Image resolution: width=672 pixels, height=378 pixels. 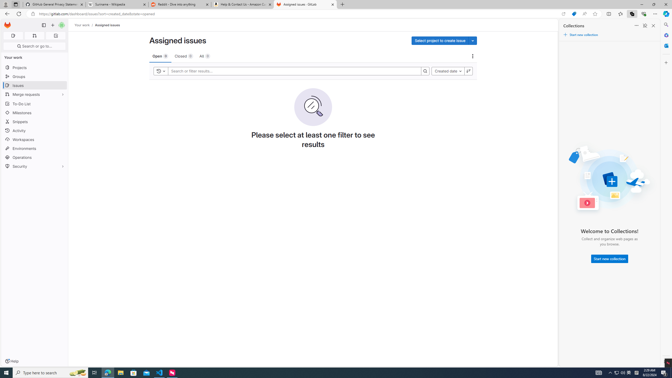 What do you see at coordinates (184, 56) in the screenshot?
I see `'Closed 0'` at bounding box center [184, 56].